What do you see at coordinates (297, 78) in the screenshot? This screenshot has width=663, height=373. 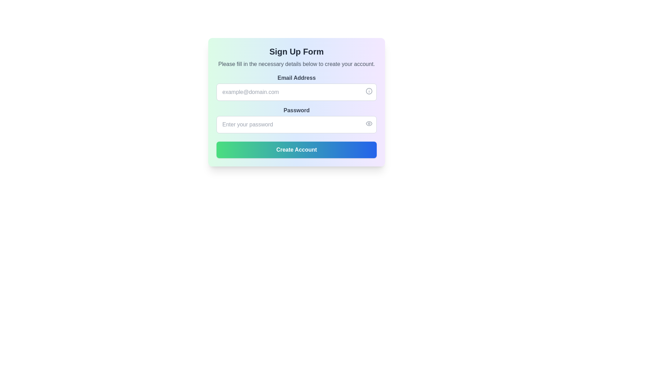 I see `the label that provides context for the email address input field, located in the upper-middle portion of the form, directly above the input field` at bounding box center [297, 78].